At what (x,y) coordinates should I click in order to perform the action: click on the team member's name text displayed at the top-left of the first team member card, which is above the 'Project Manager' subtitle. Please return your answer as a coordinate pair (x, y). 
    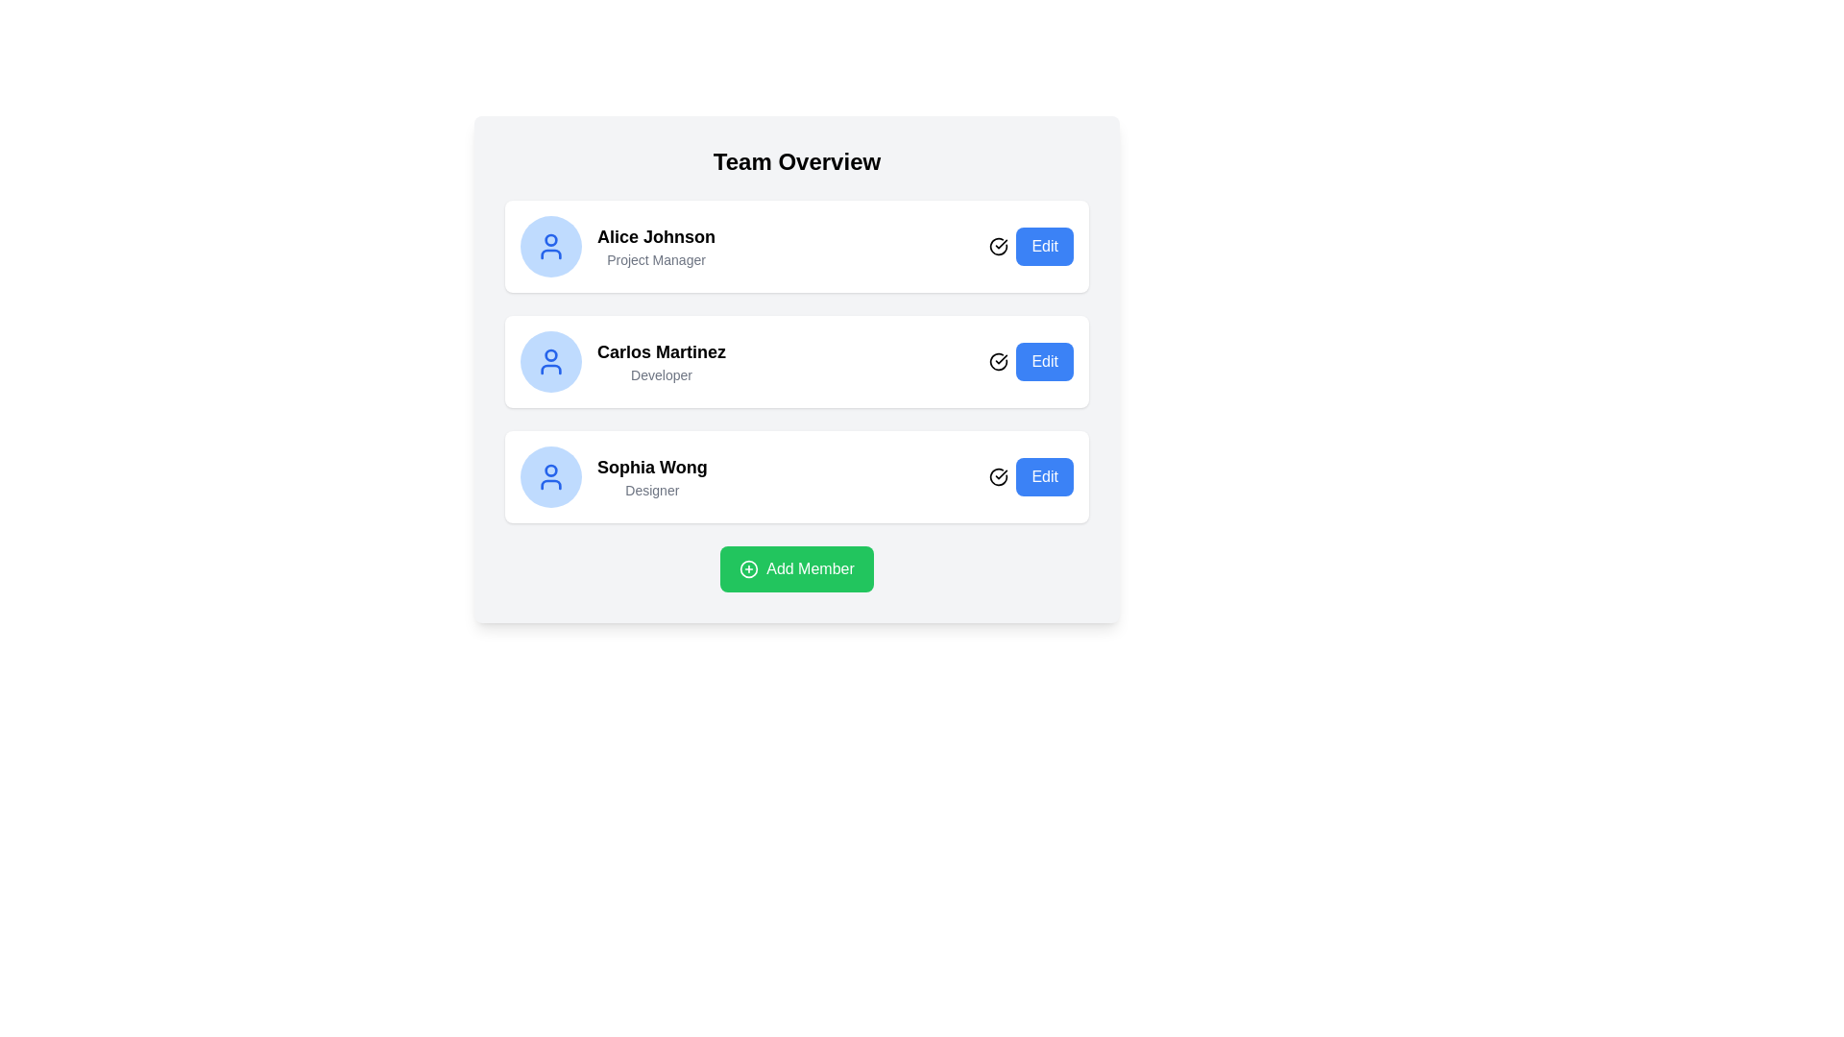
    Looking at the image, I should click on (656, 235).